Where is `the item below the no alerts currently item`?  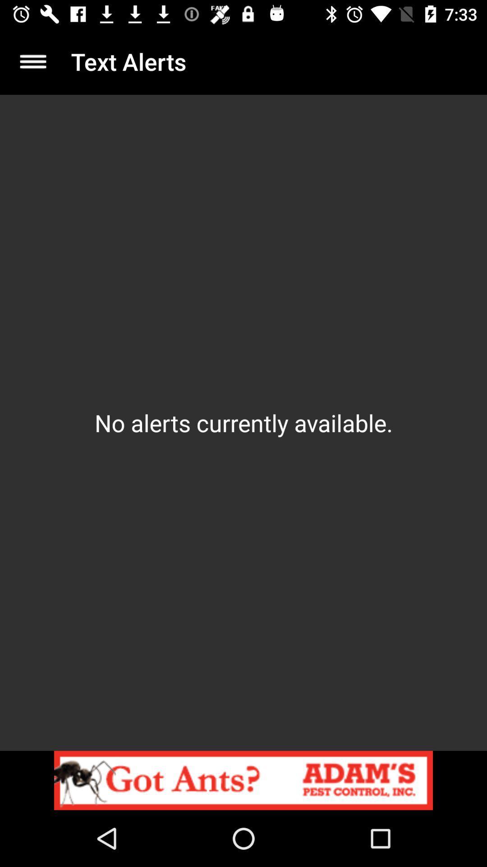
the item below the no alerts currently item is located at coordinates (243, 780).